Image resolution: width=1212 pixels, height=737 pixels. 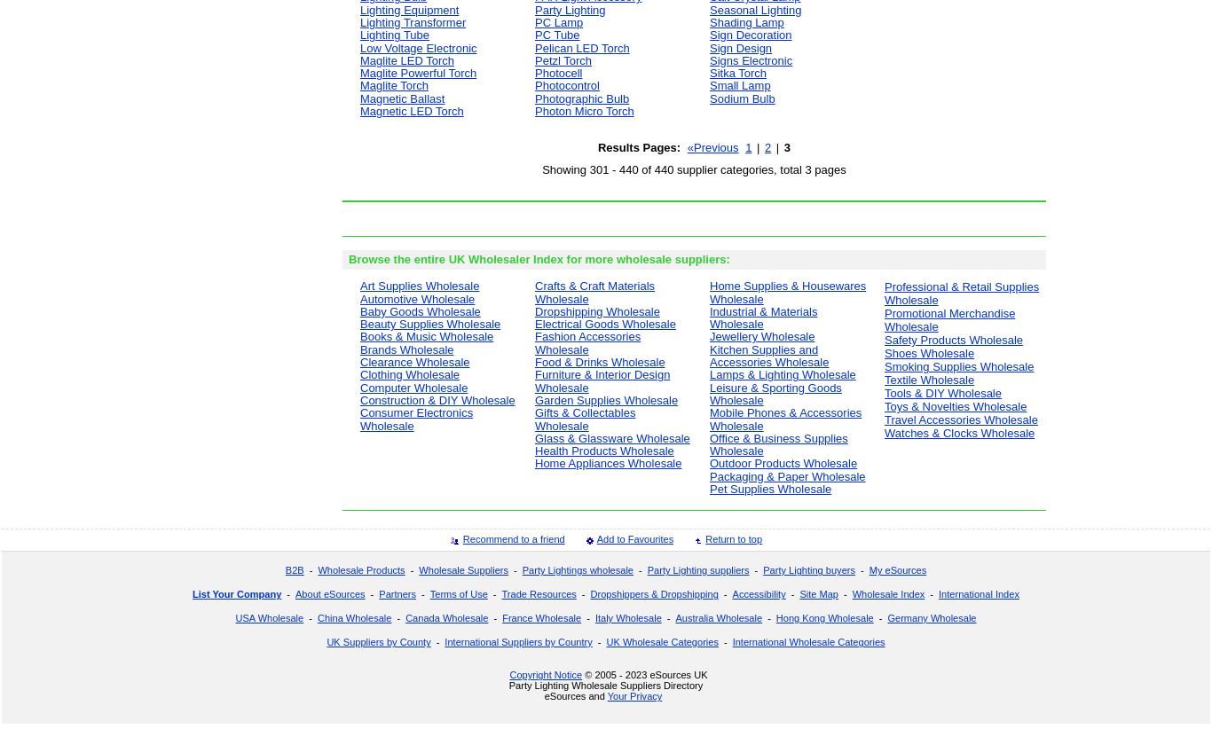 I want to click on 'Australia Wholesale', so click(x=718, y=616).